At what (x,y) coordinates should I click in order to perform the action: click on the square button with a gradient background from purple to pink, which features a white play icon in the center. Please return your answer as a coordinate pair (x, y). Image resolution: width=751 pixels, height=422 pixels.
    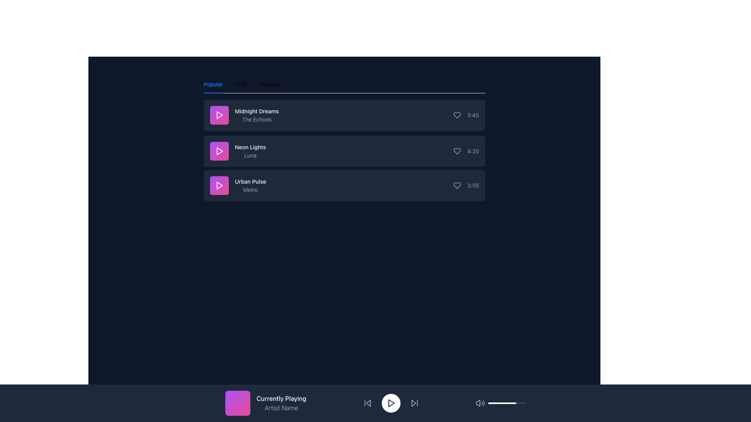
    Looking at the image, I should click on (219, 151).